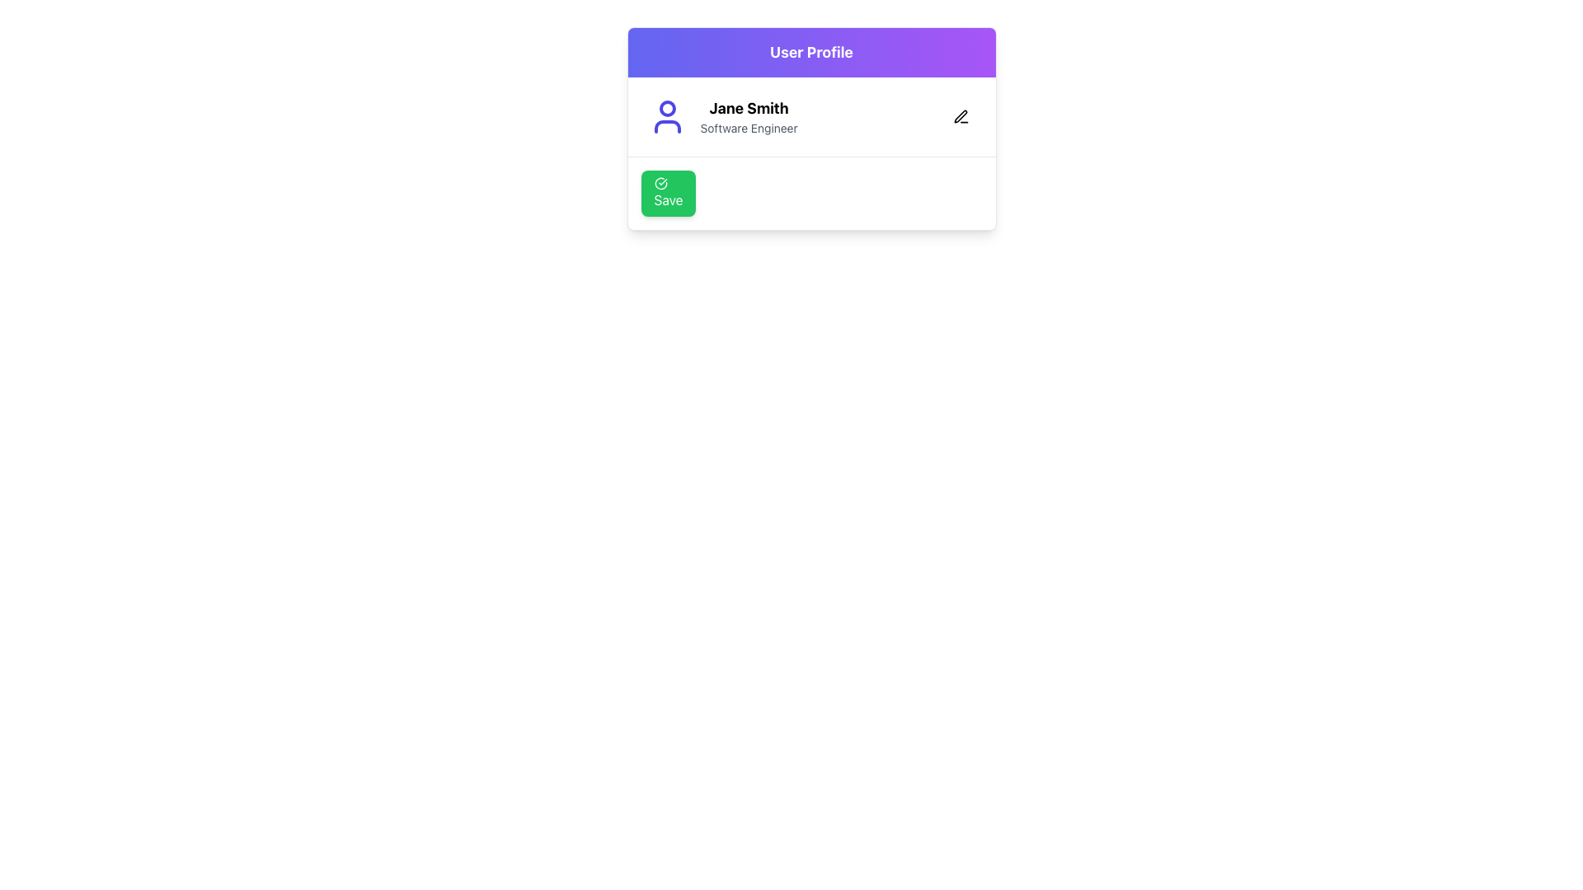 Image resolution: width=1583 pixels, height=890 pixels. I want to click on the static text label displaying the job title or role of the user, which is positioned below 'Jane Smith', so click(748, 127).